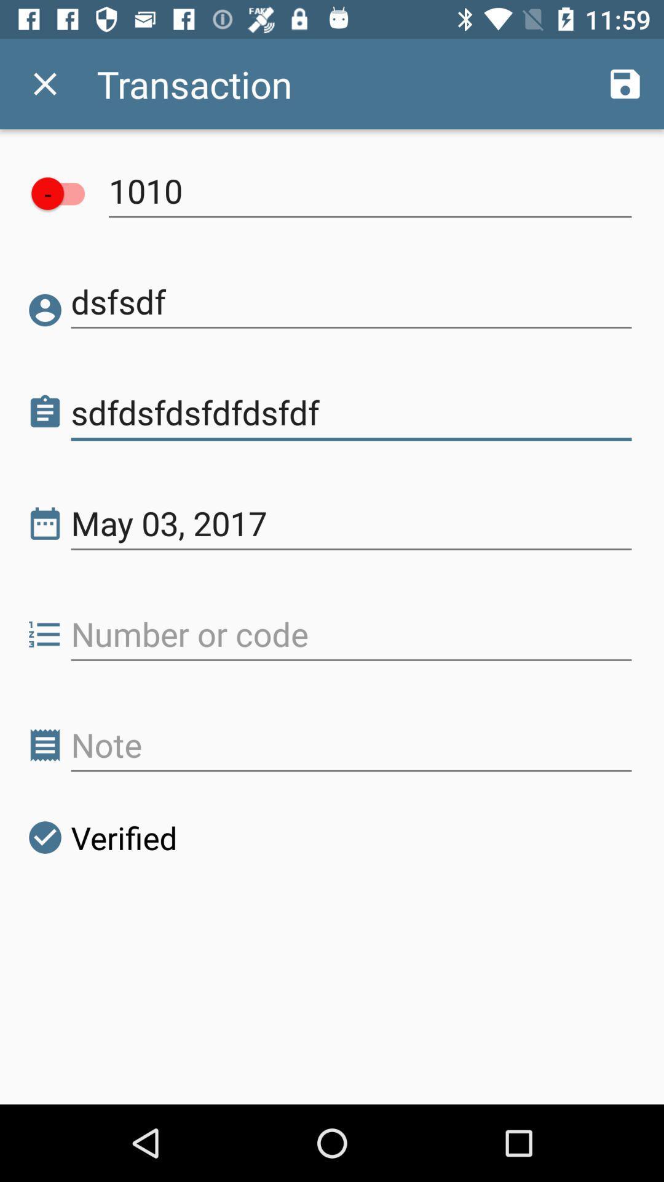 The width and height of the screenshot is (664, 1182). I want to click on the folder icon, so click(44, 412).